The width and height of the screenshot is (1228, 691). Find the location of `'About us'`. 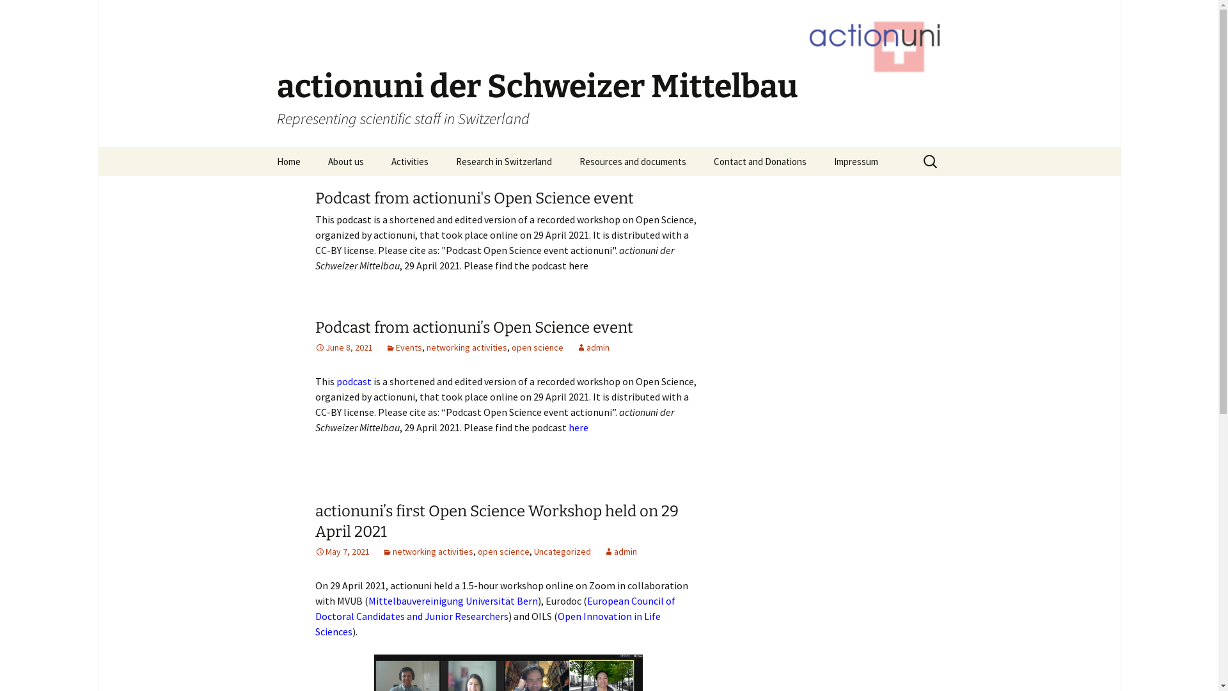

'About us' is located at coordinates (314, 161).